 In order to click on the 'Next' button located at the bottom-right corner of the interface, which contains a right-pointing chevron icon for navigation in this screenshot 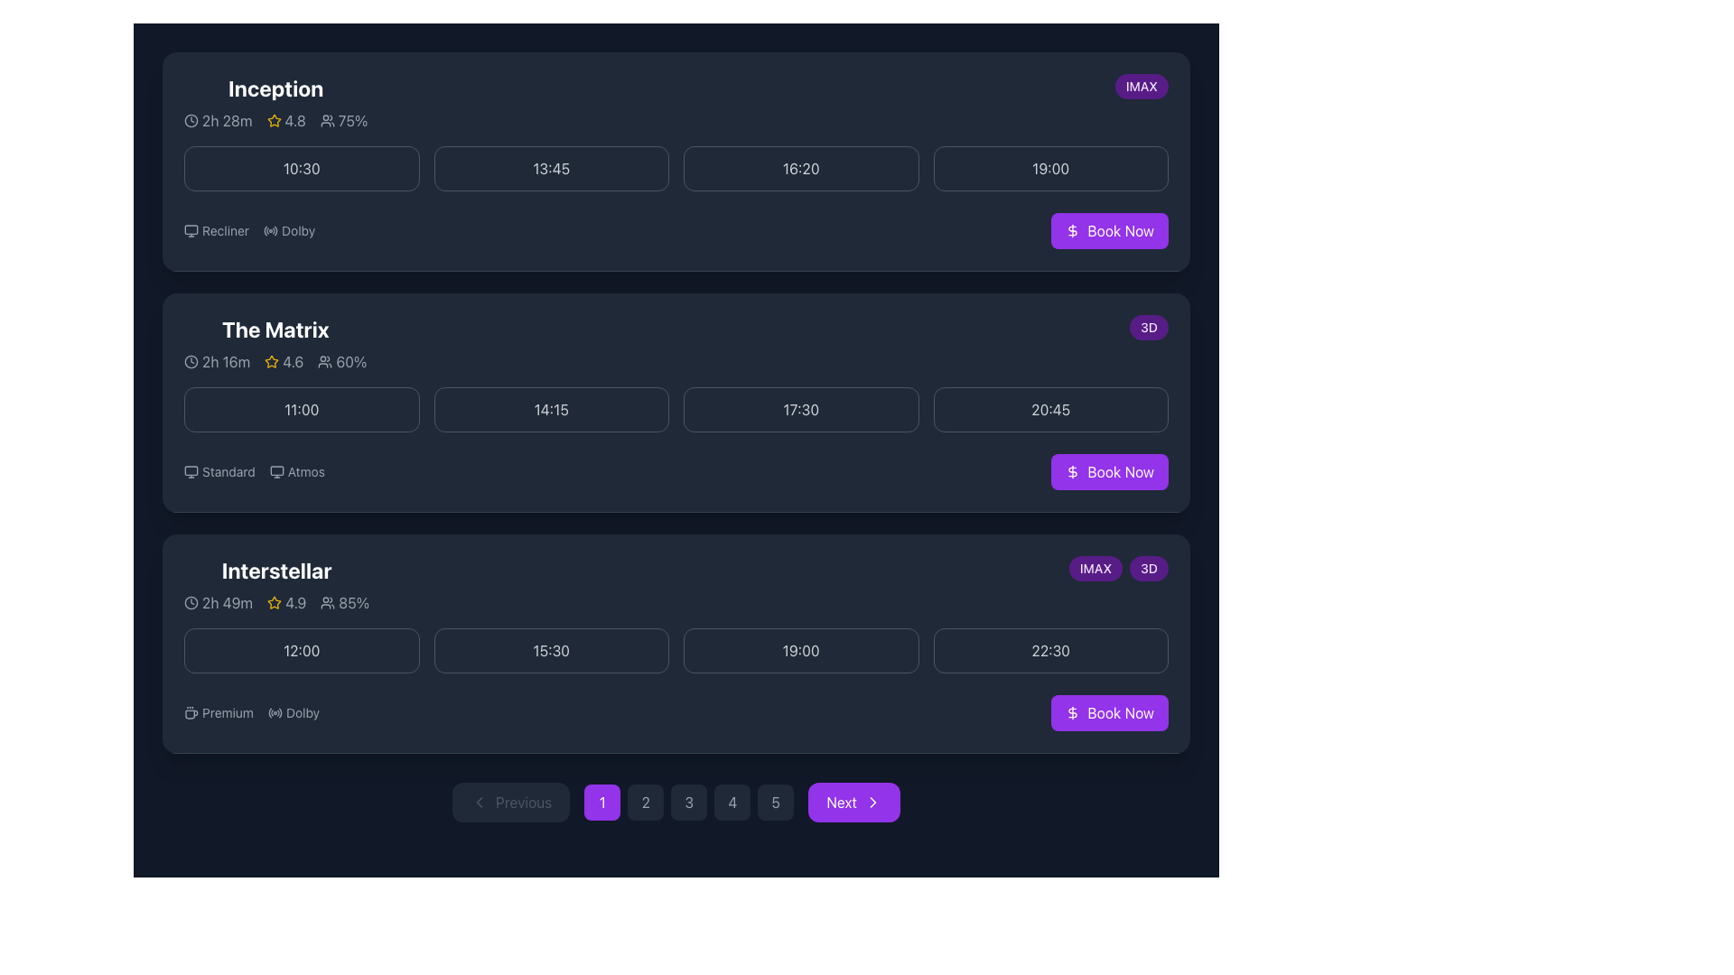, I will do `click(872, 801)`.